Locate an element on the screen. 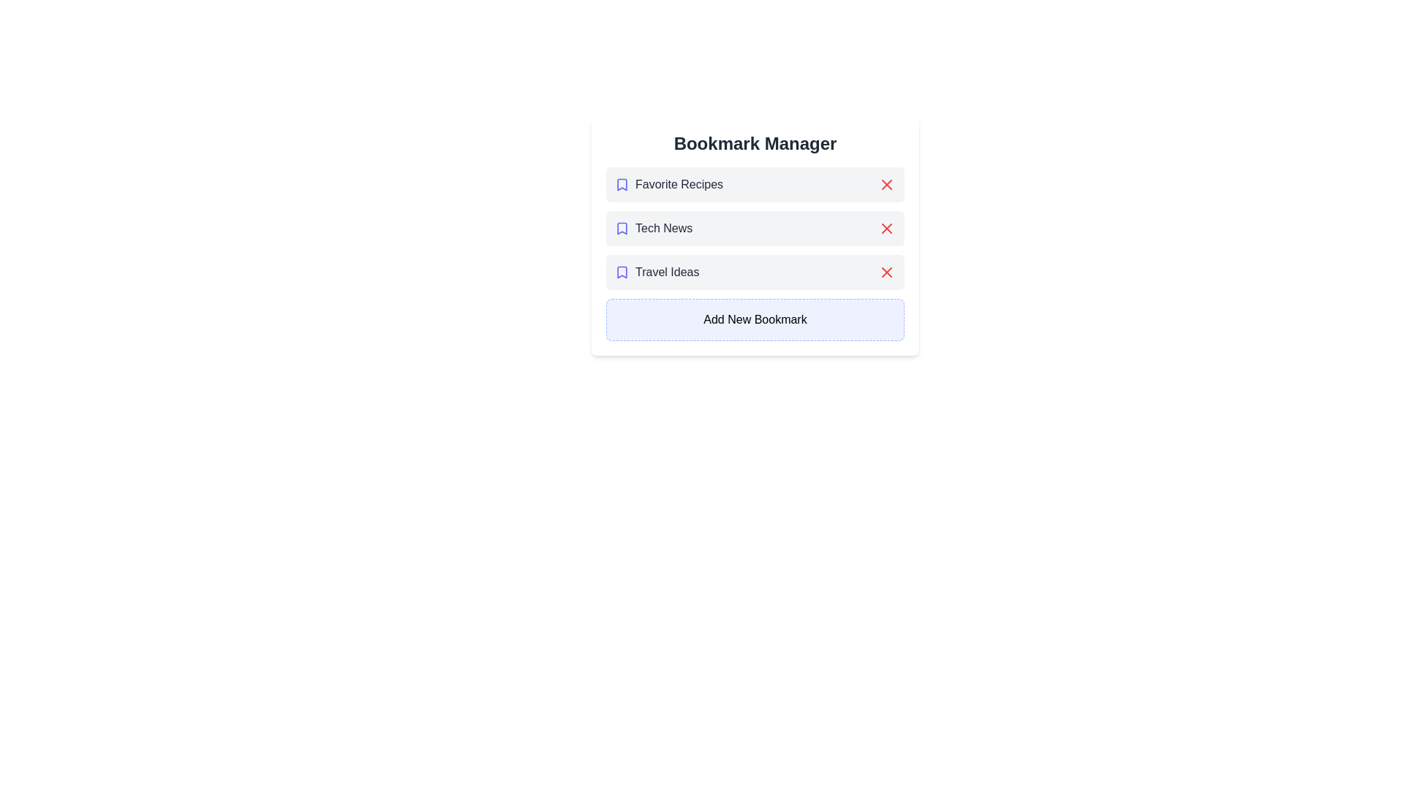 The width and height of the screenshot is (1404, 789). the 'Add New Bookmark' button to add a new bookmark is located at coordinates (755, 319).